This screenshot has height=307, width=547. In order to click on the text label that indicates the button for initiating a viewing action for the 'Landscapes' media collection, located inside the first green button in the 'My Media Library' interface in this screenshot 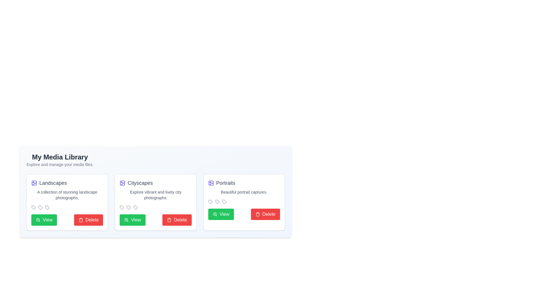, I will do `click(48, 220)`.